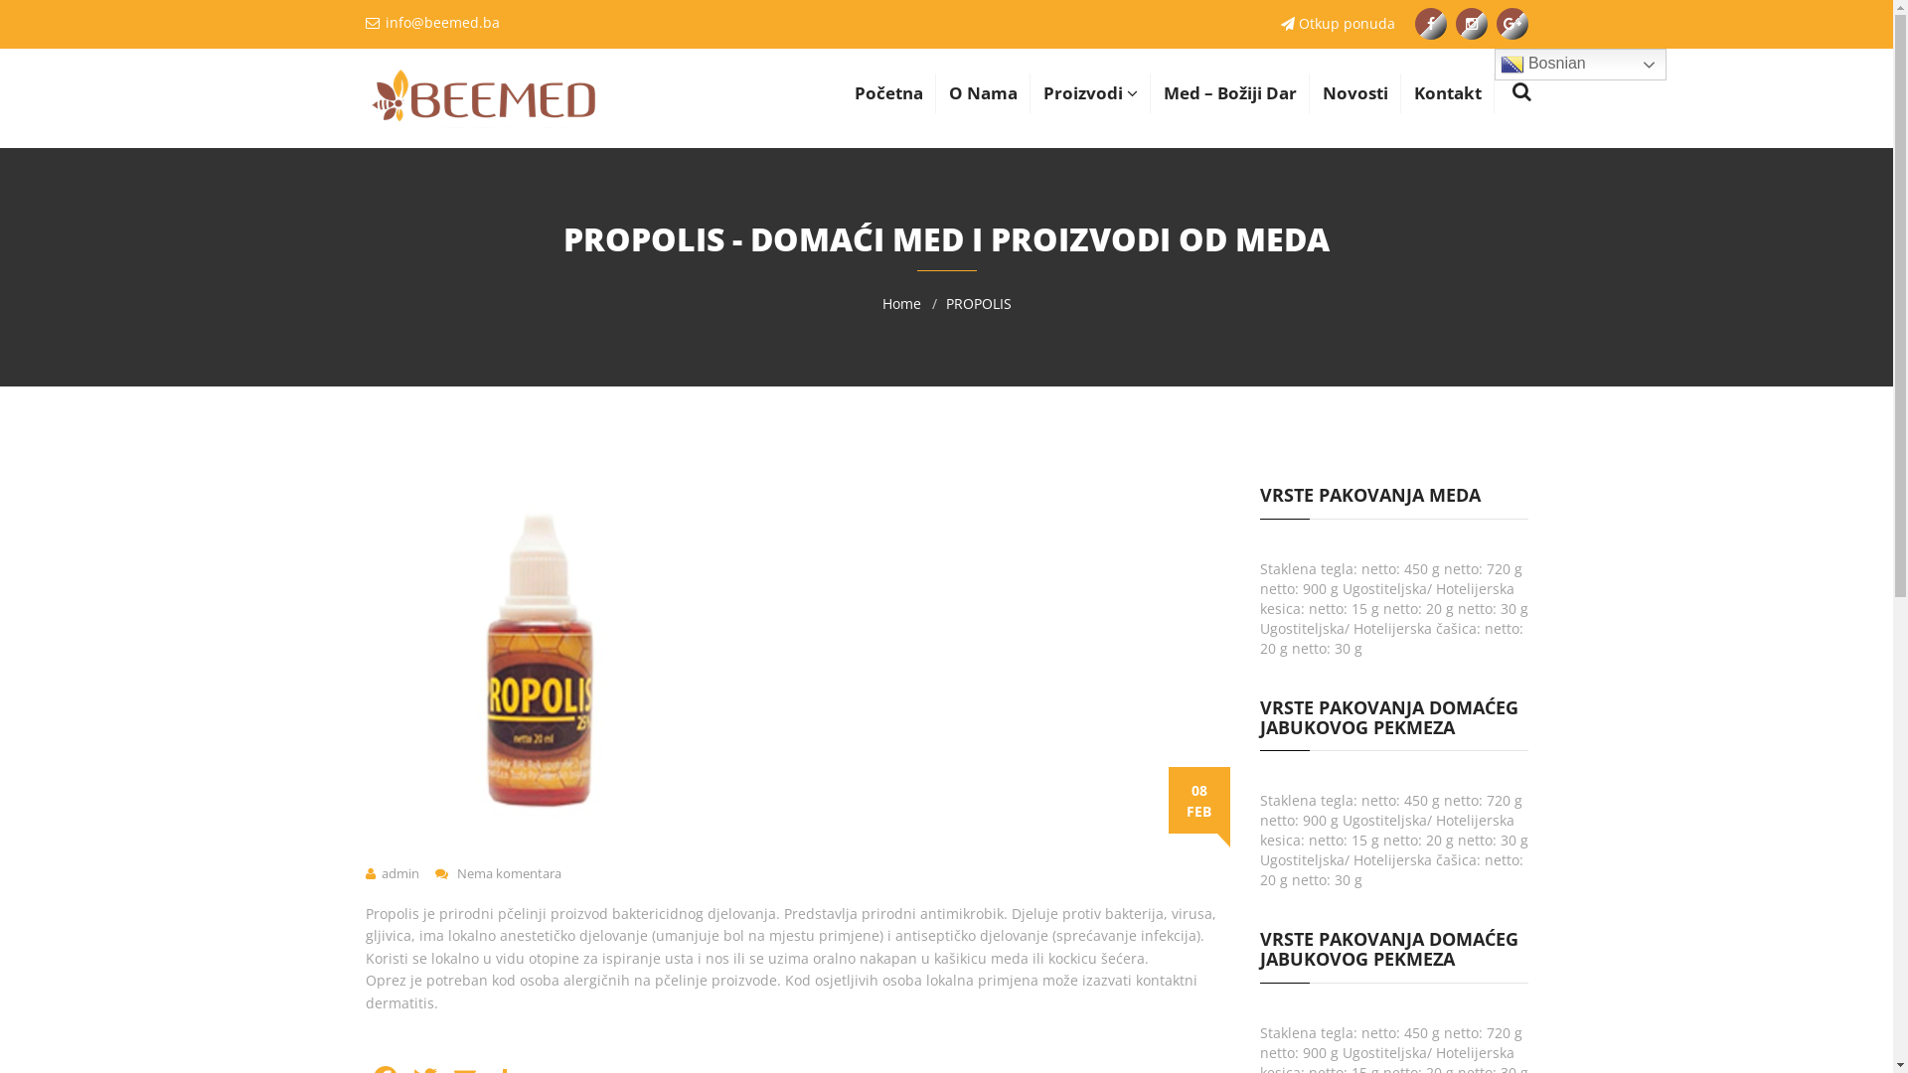 This screenshot has width=1908, height=1073. Describe the element at coordinates (1448, 92) in the screenshot. I see `'Kontakt'` at that location.